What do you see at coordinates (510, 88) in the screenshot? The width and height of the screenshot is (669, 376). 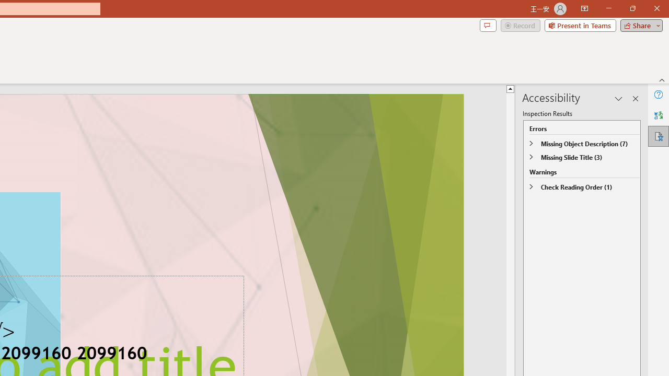 I see `'Line up'` at bounding box center [510, 88].